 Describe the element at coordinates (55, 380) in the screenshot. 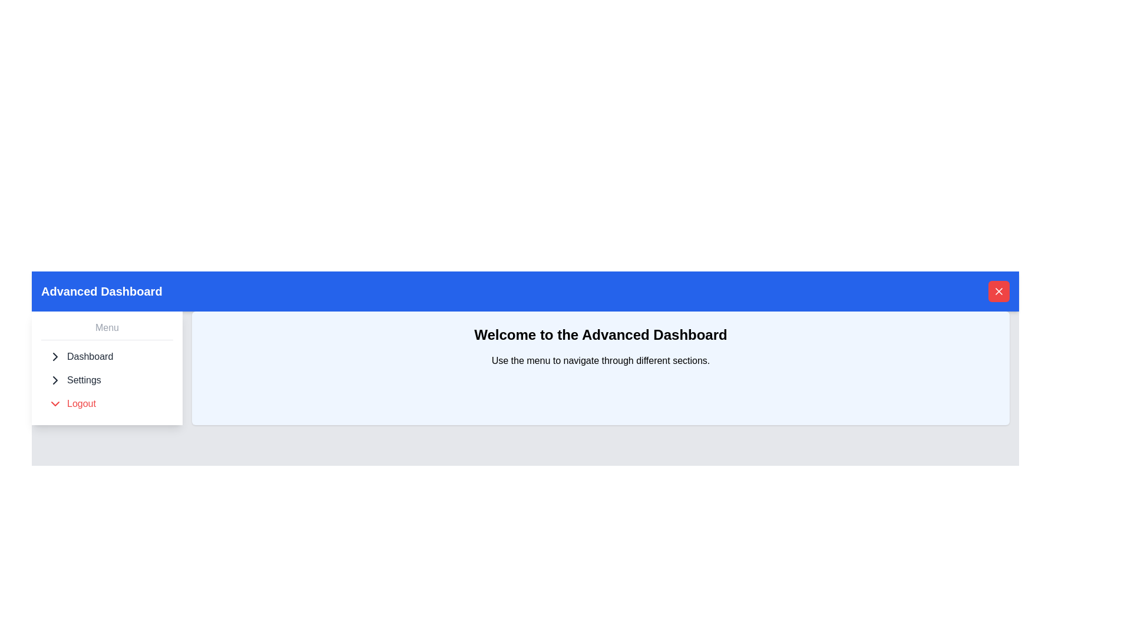

I see `the Chevron icon located in the side navigation panel under the 'Settings' menu item` at that location.